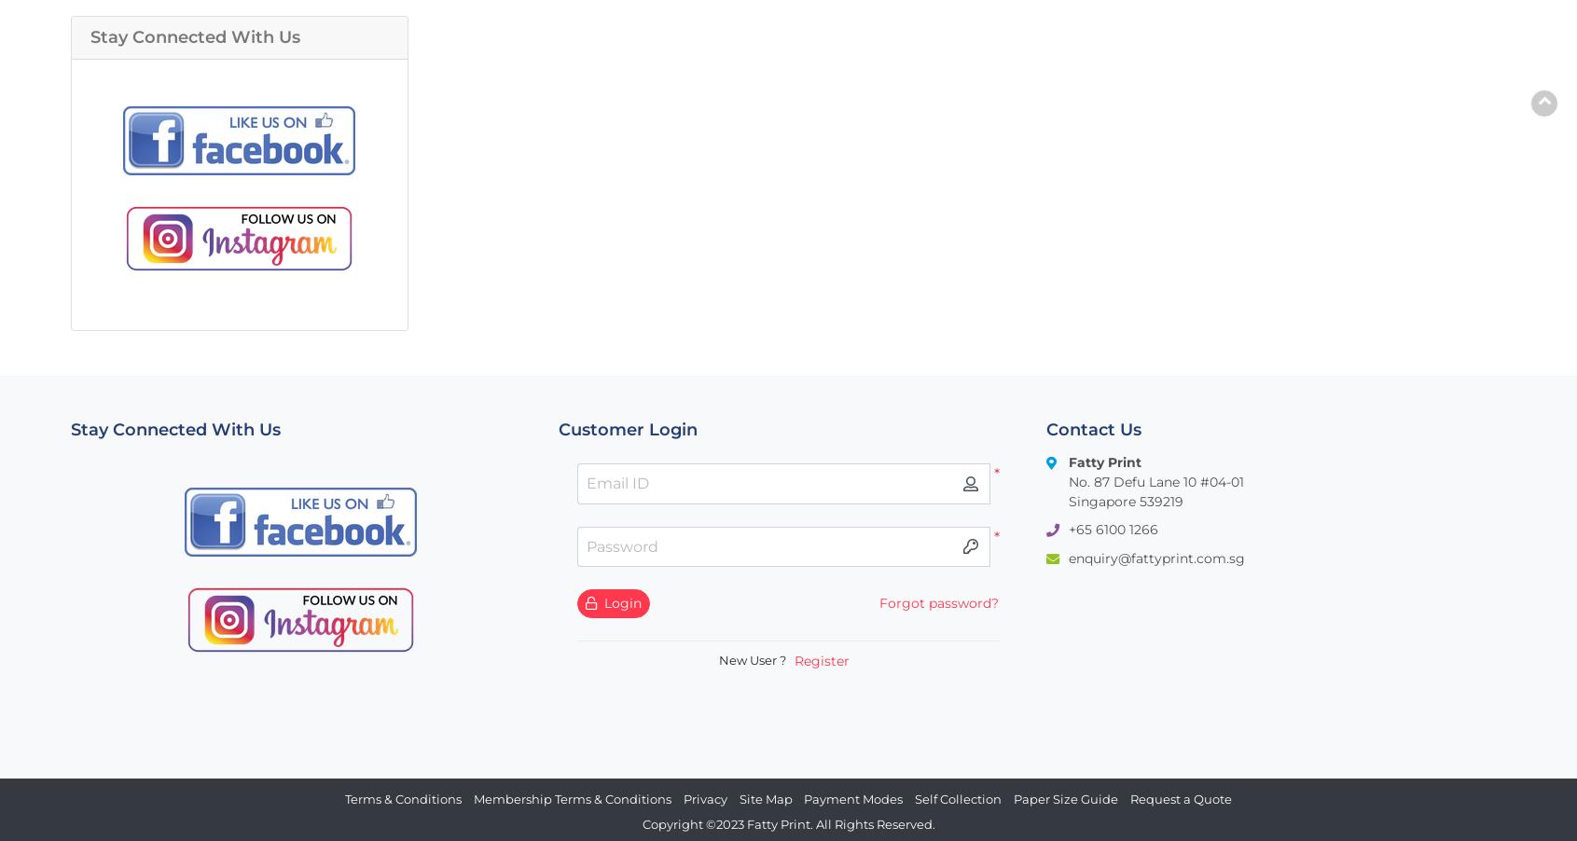 The width and height of the screenshot is (1577, 841). I want to click on 'Copyright ©2023 Fatty Print. All Rights Reserved.', so click(786, 824).